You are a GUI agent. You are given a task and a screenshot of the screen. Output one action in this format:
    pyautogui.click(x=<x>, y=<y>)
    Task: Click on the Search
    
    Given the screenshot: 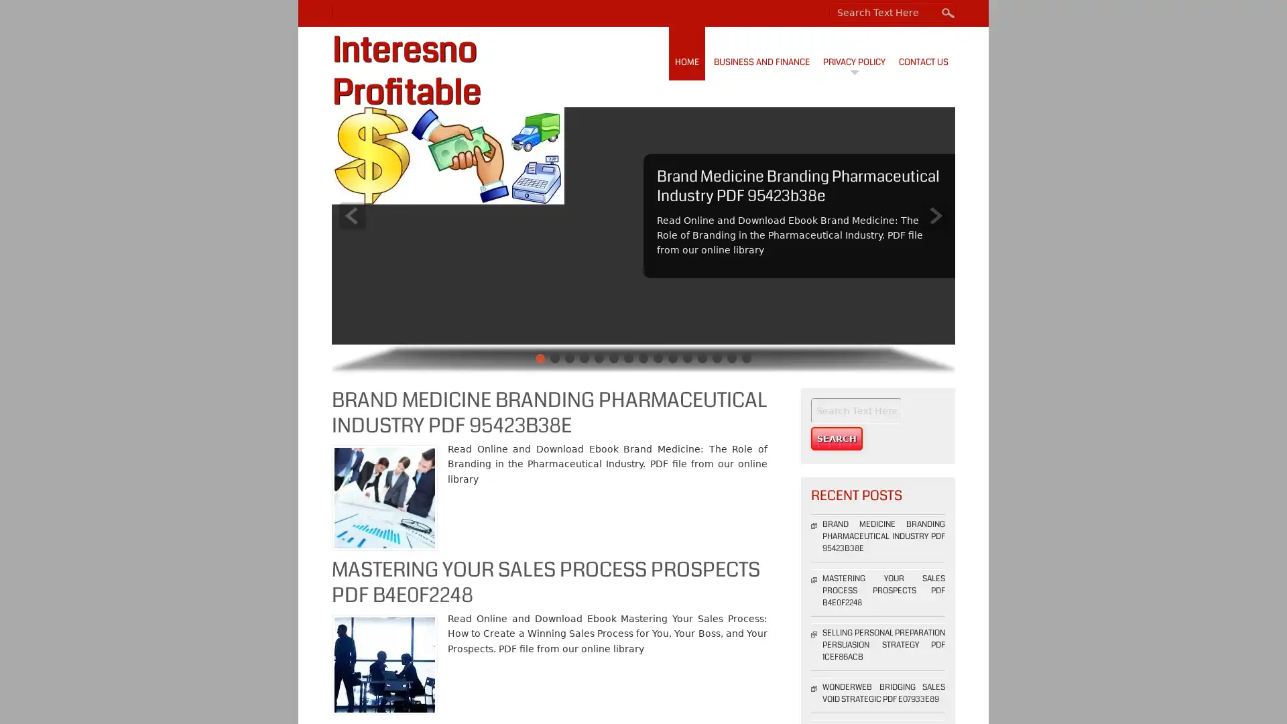 What is the action you would take?
    pyautogui.click(x=836, y=438)
    